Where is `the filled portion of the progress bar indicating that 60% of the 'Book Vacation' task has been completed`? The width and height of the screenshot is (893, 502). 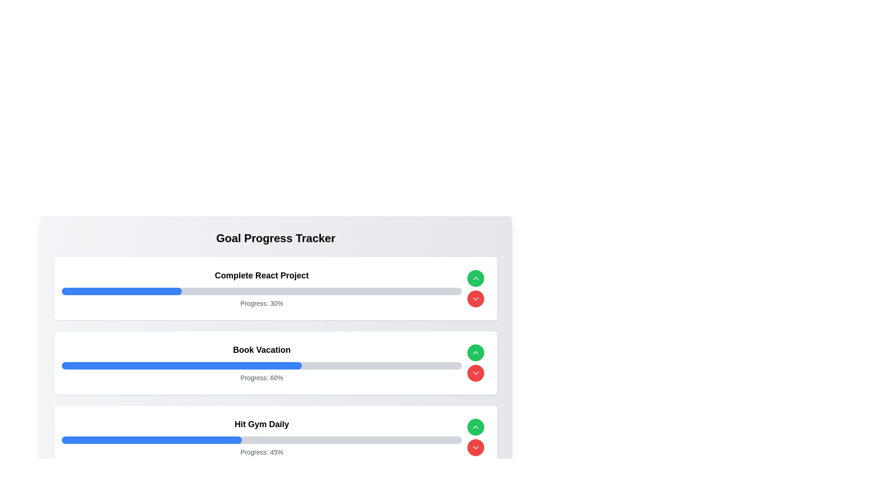
the filled portion of the progress bar indicating that 60% of the 'Book Vacation' task has been completed is located at coordinates (181, 365).